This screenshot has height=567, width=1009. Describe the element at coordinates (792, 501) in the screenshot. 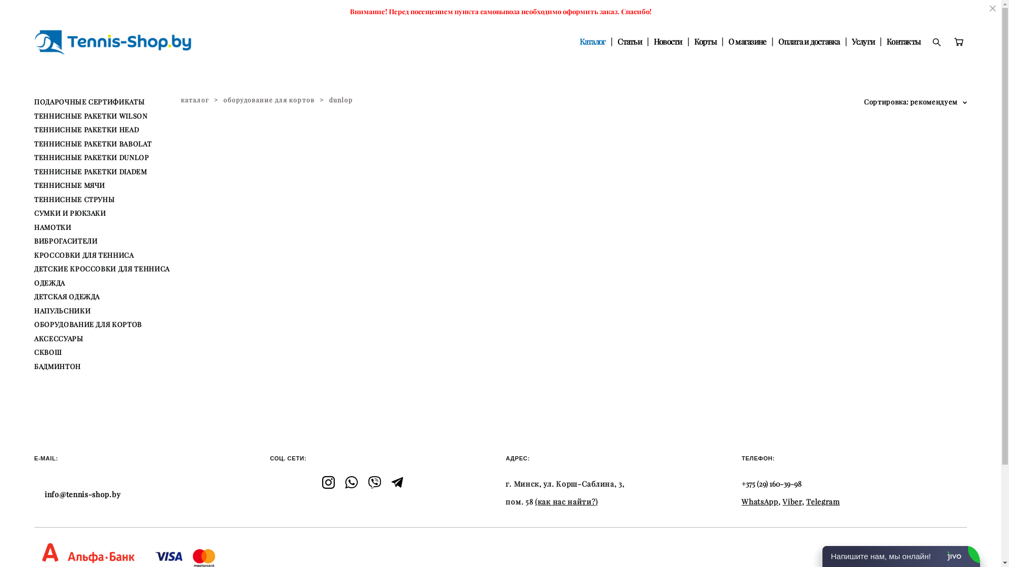

I see `'Viber'` at that location.